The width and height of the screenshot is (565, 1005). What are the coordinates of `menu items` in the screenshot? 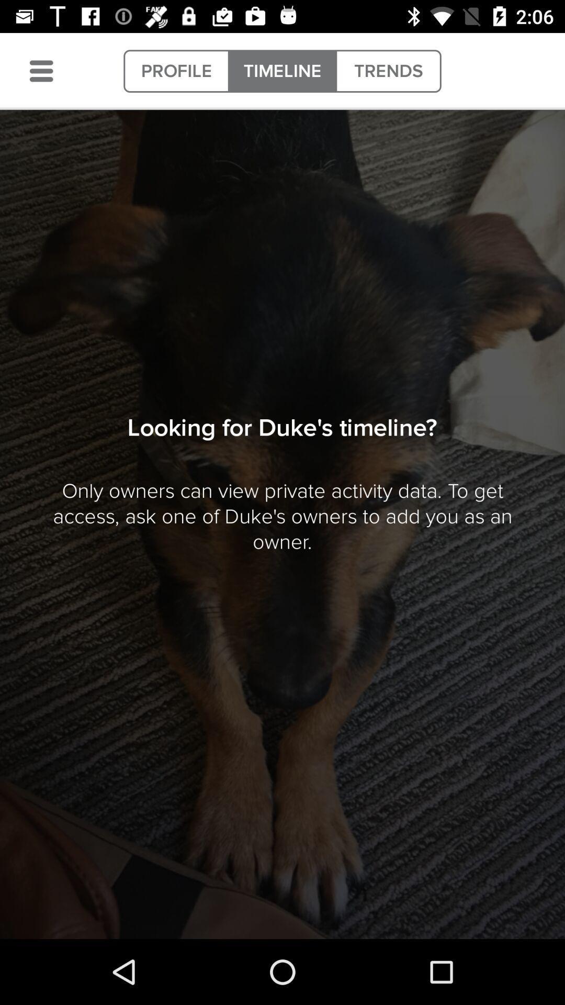 It's located at (41, 71).